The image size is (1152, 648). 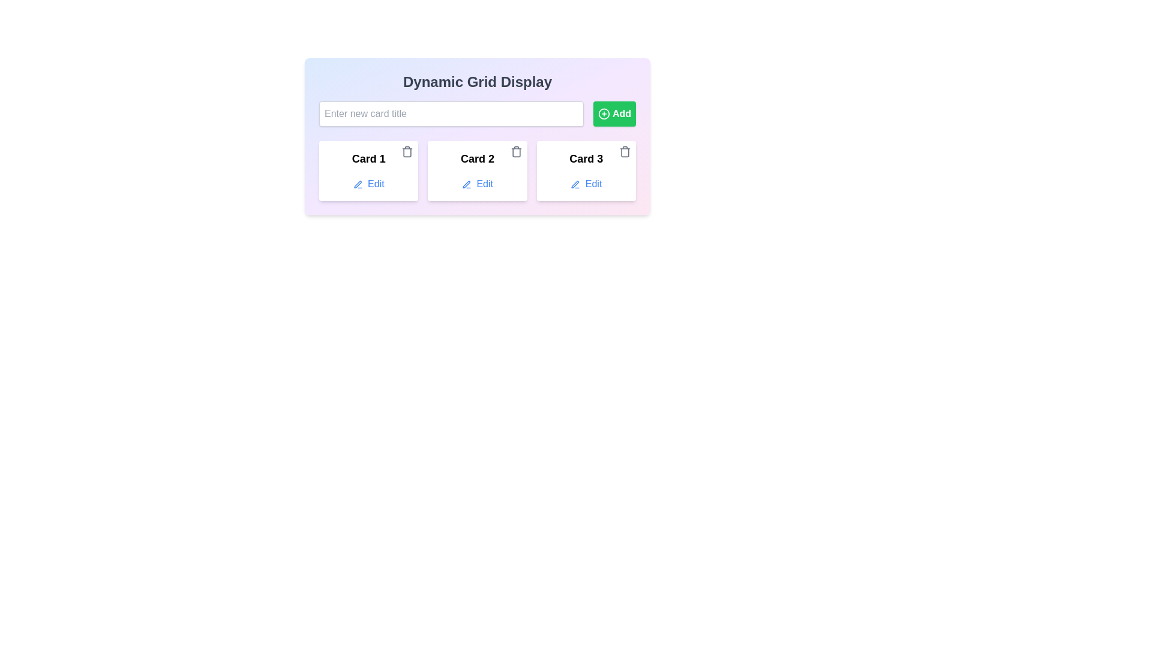 I want to click on the small 'Edit' button with blue text and a pencil icon located at the bottom-right corner of 'Card 3' to initiate the edit action, so click(x=586, y=184).